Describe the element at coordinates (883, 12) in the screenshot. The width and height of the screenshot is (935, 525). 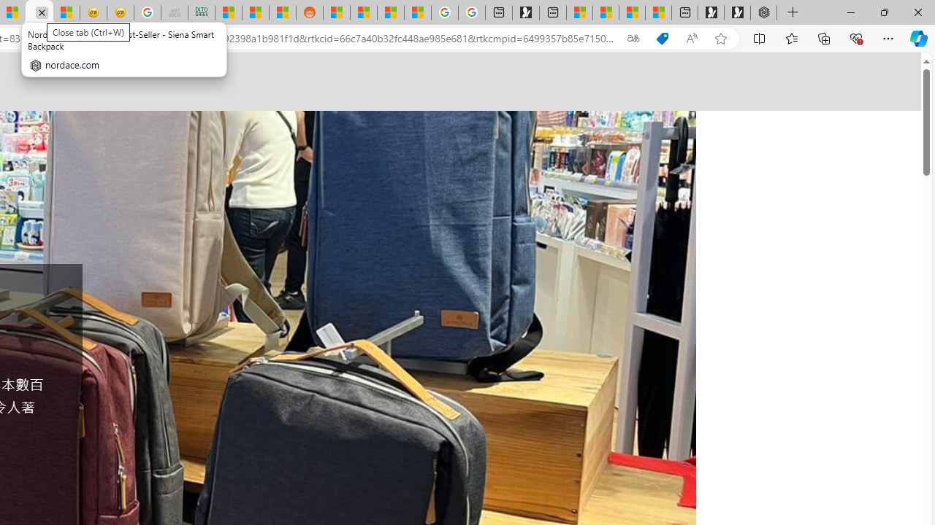
I see `'Restore'` at that location.